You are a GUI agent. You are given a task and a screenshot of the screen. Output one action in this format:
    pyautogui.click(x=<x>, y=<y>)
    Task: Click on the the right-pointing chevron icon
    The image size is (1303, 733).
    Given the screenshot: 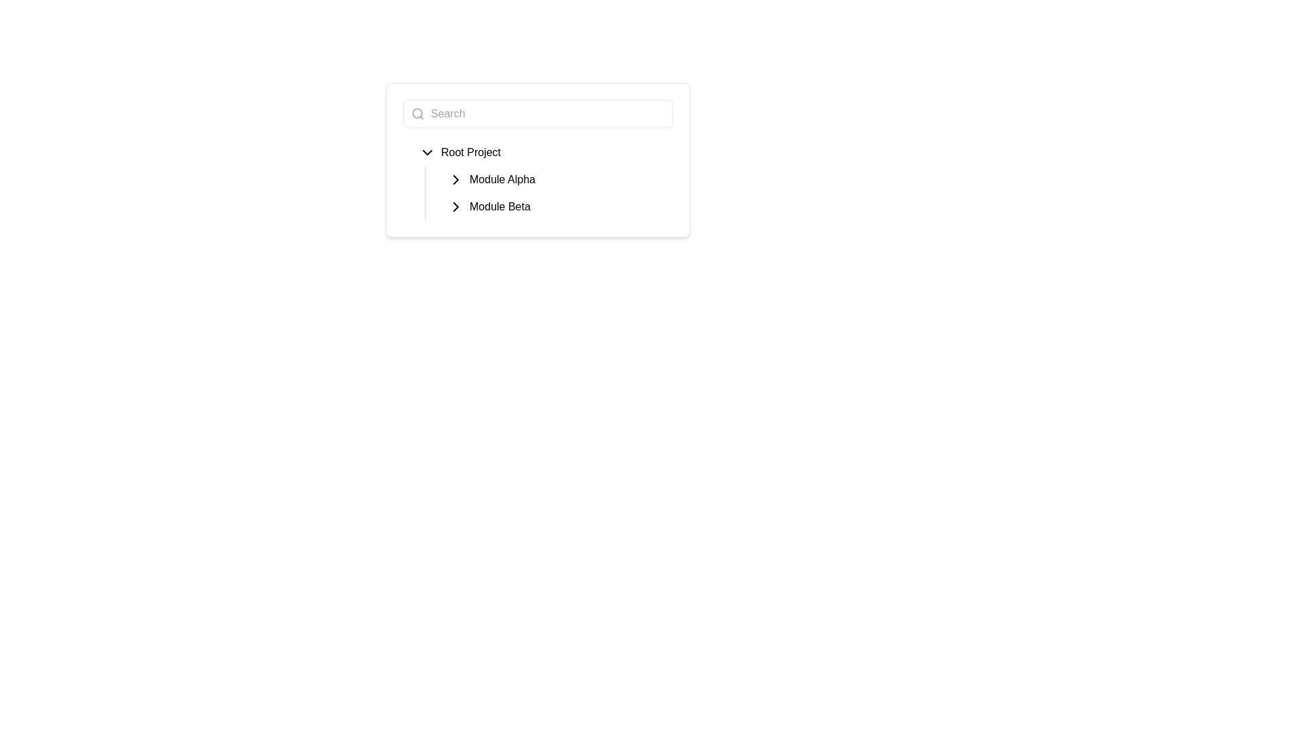 What is the action you would take?
    pyautogui.click(x=456, y=206)
    